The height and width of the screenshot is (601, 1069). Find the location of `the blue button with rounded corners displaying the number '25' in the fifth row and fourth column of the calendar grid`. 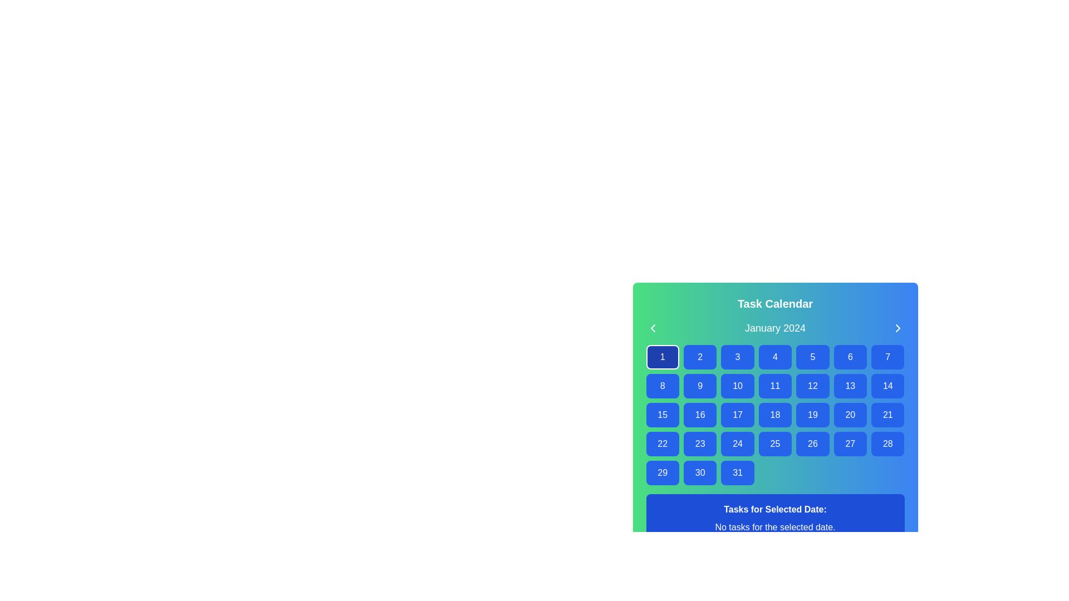

the blue button with rounded corners displaying the number '25' in the fifth row and fourth column of the calendar grid is located at coordinates (774, 444).